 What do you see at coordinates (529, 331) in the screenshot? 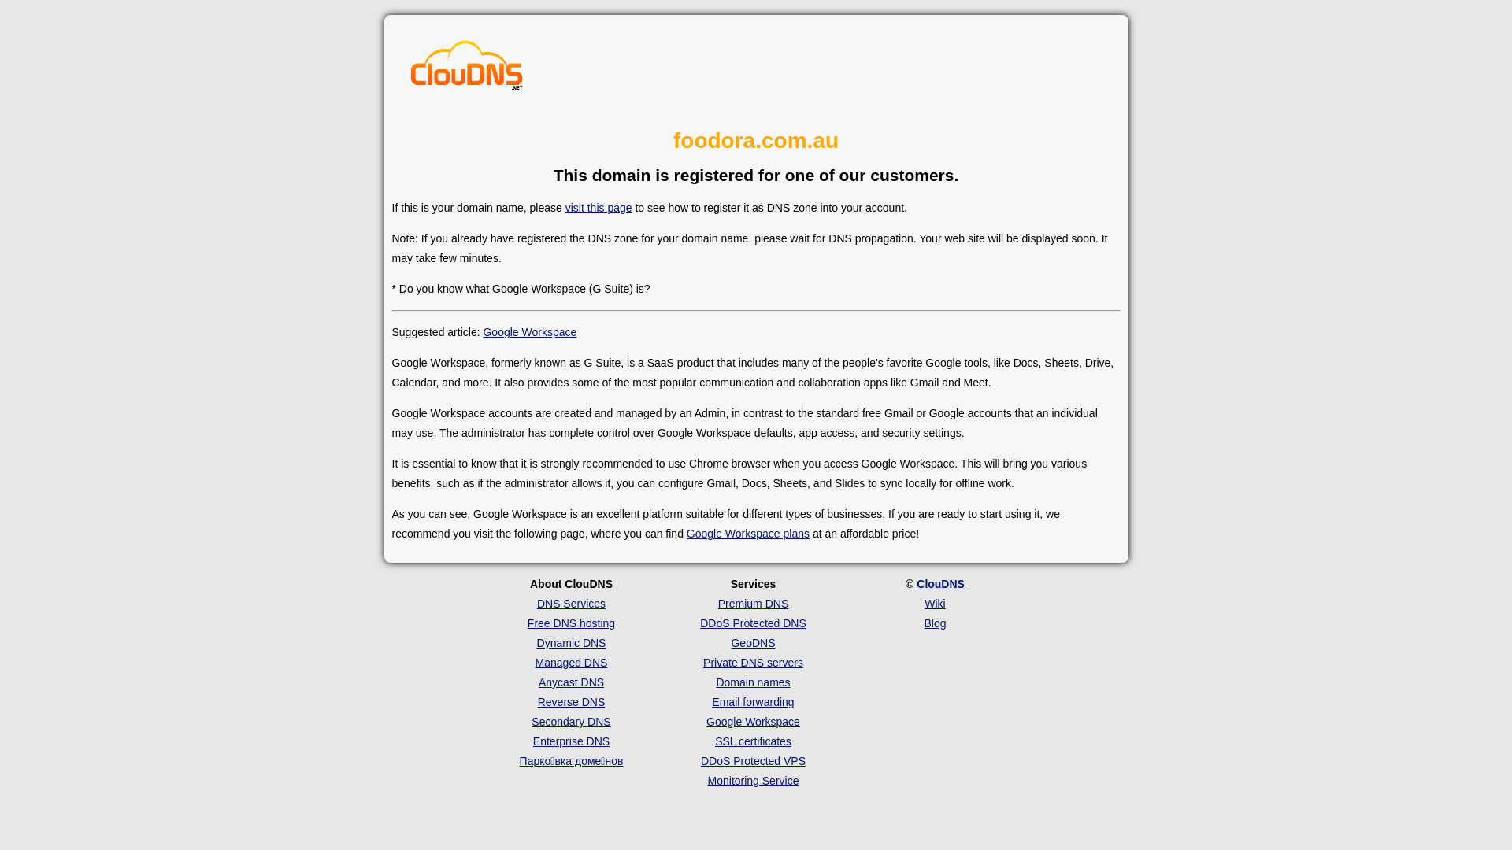
I see `'Google Workspace'` at bounding box center [529, 331].